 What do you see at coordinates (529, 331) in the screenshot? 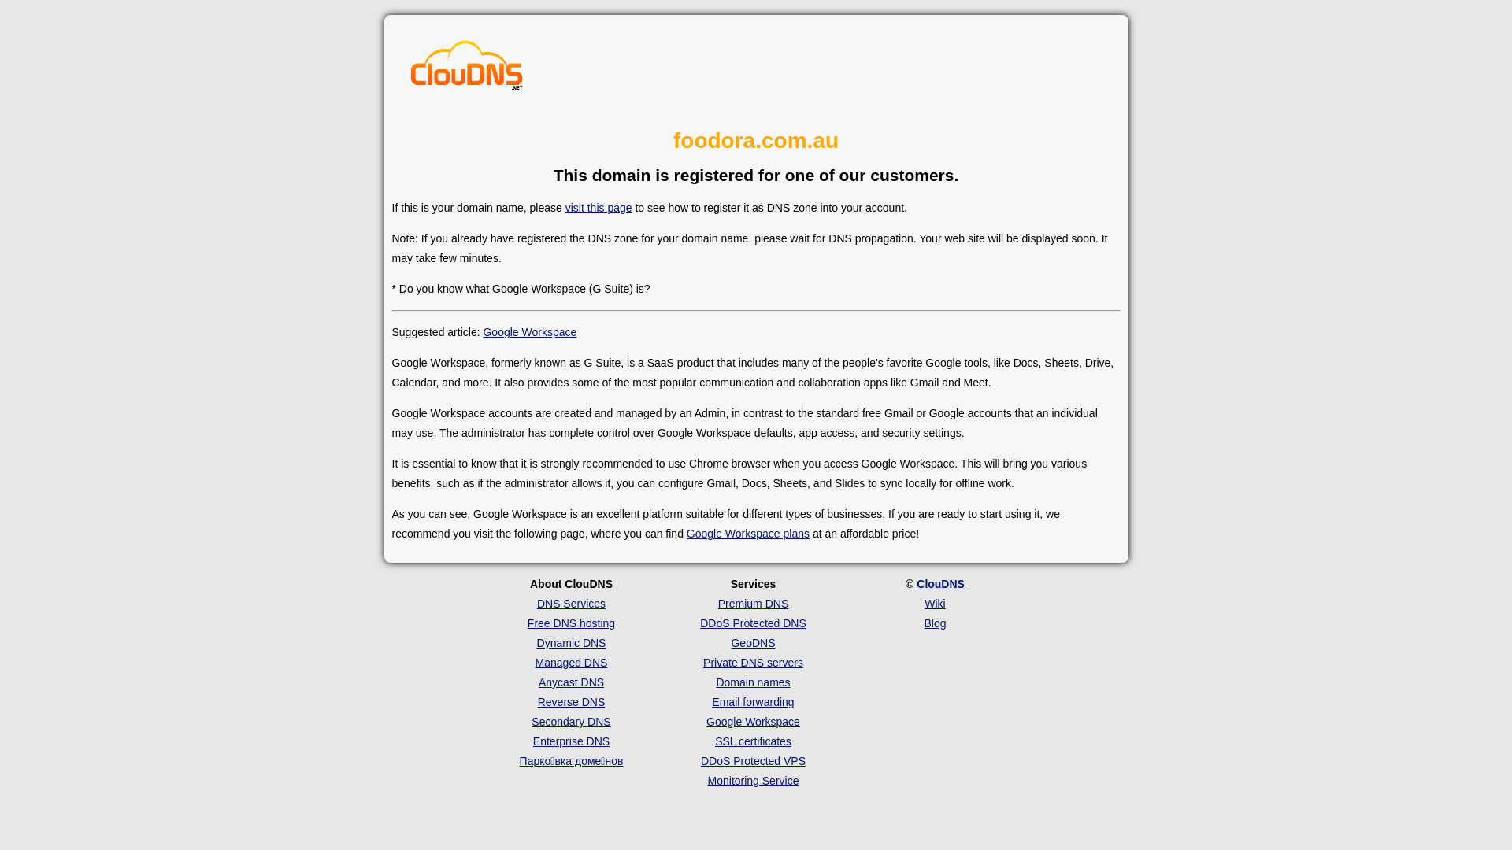
I see `'Google Workspace'` at bounding box center [529, 331].